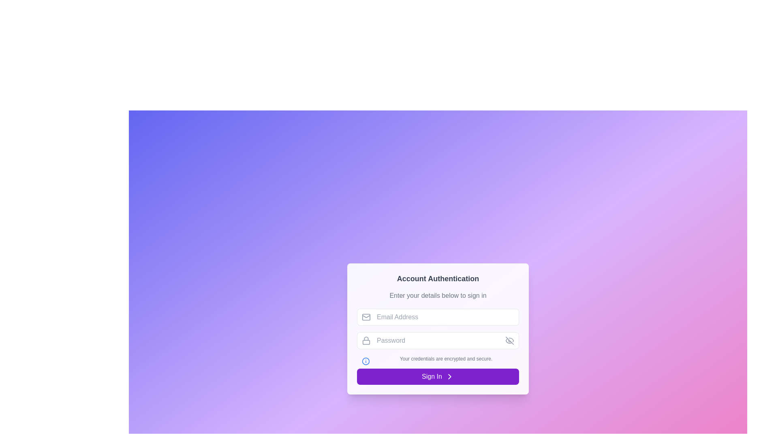 Image resolution: width=778 pixels, height=437 pixels. I want to click on the email input field located below the header 'Enter your details below to sign in' and above the password input field by tabbing to it, so click(437, 316).